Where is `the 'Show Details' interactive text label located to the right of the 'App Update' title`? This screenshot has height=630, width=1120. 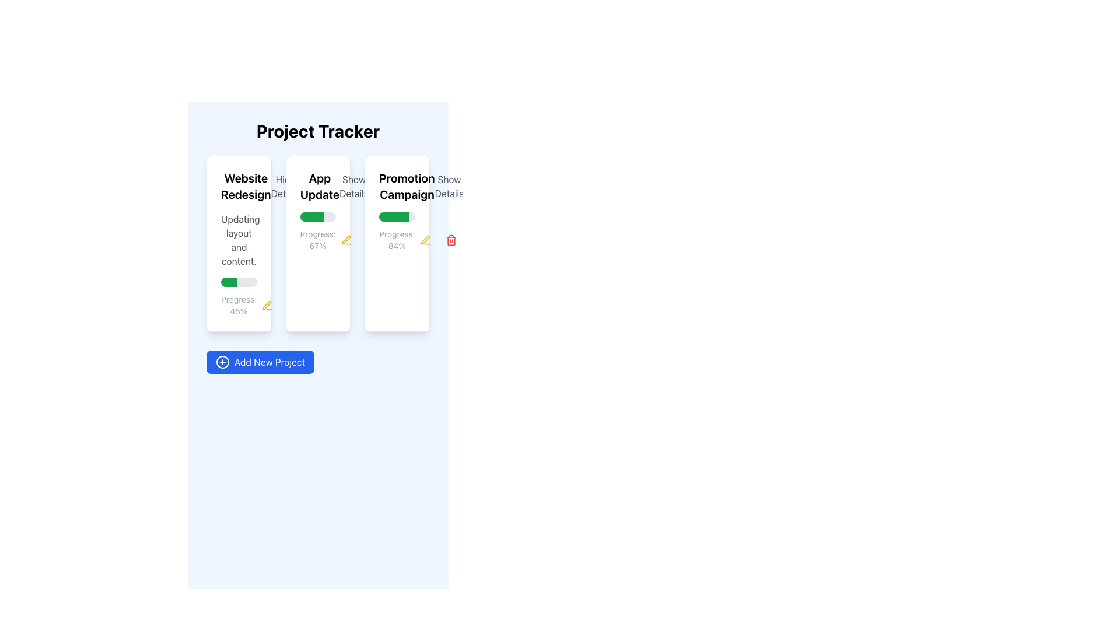 the 'Show Details' interactive text label located to the right of the 'App Update' title is located at coordinates (353, 186).